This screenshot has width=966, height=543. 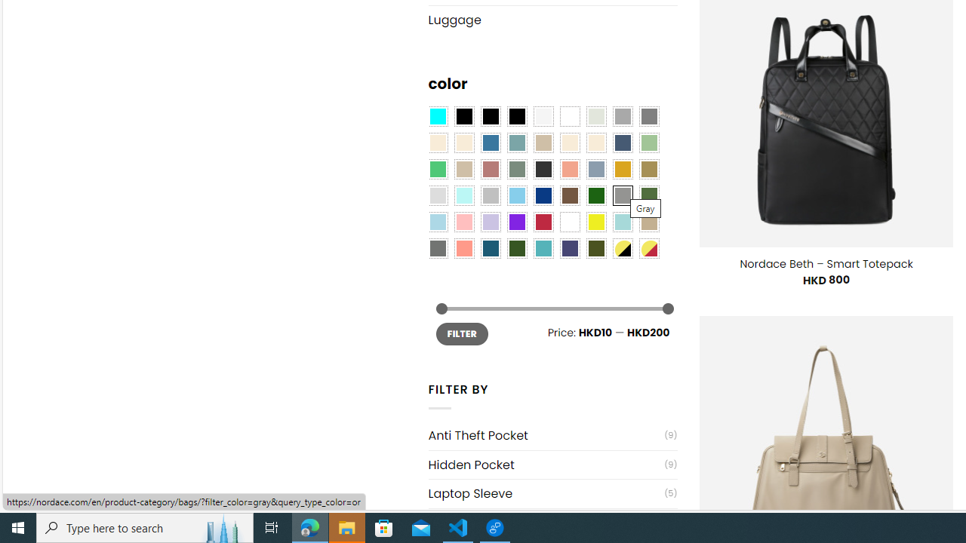 I want to click on 'Laptop Sleeve(5)', so click(x=552, y=493).